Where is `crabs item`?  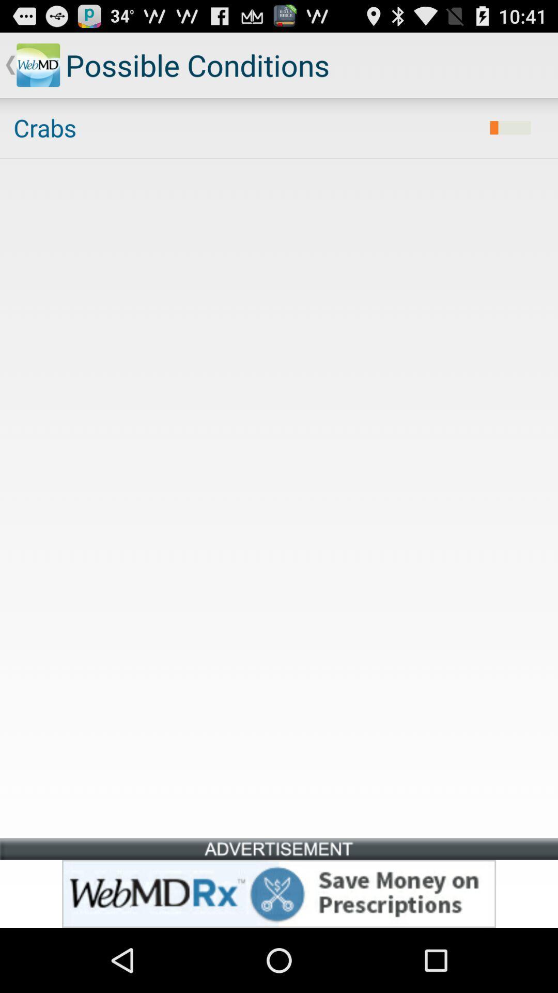
crabs item is located at coordinates (245, 127).